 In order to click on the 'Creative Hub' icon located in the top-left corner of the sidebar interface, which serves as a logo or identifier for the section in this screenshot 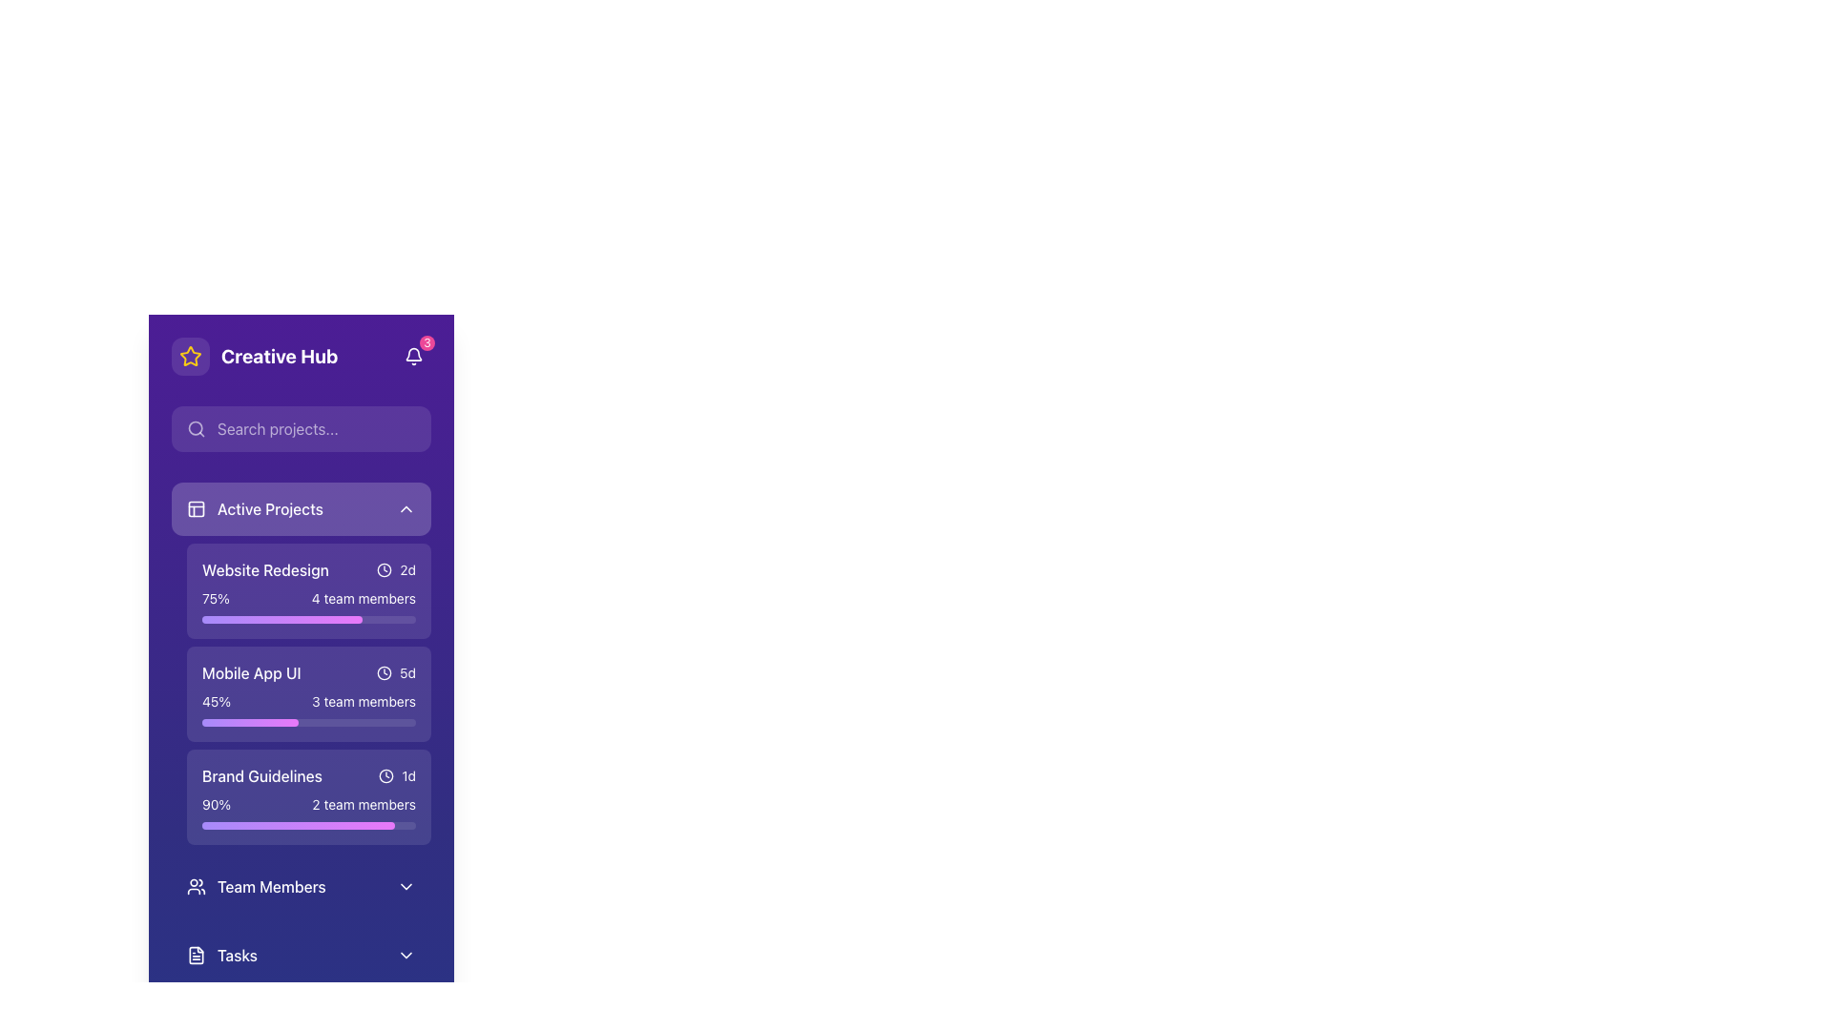, I will do `click(191, 356)`.